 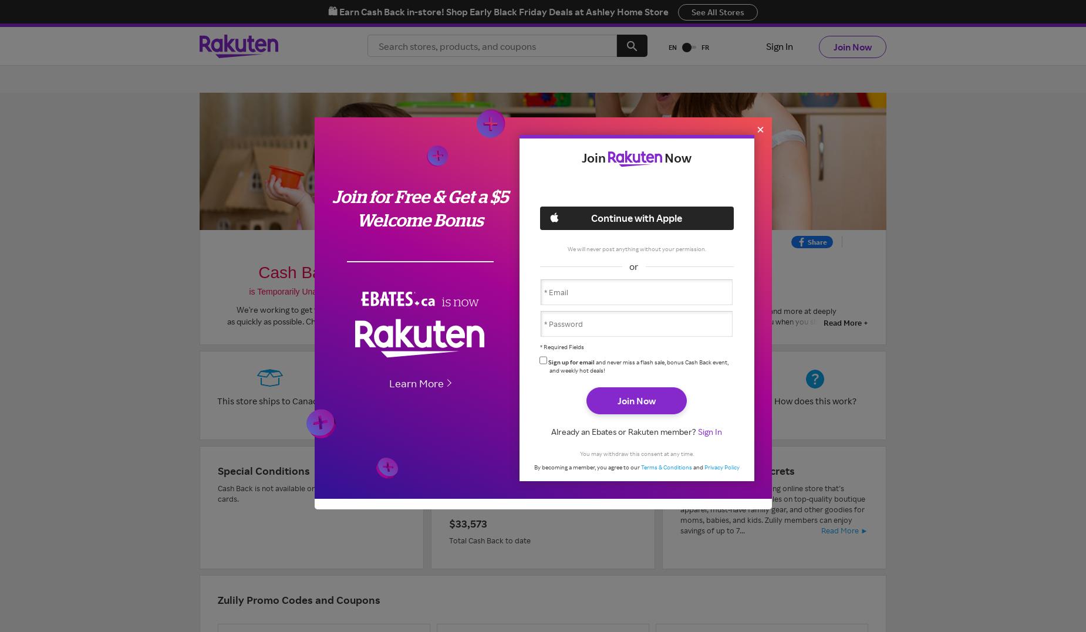 What do you see at coordinates (710, 11) in the screenshot?
I see `'See All Offers'` at bounding box center [710, 11].